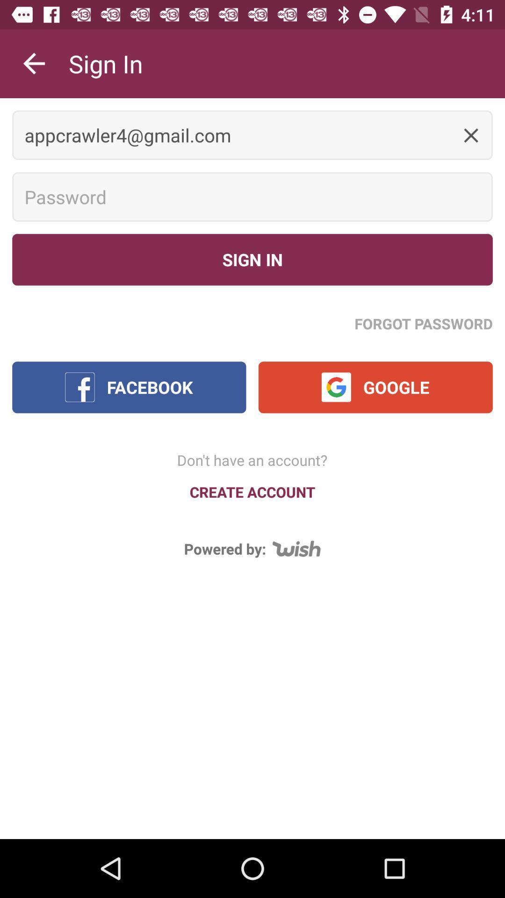 Image resolution: width=505 pixels, height=898 pixels. I want to click on the appcrawler4@gmail.com icon, so click(252, 135).